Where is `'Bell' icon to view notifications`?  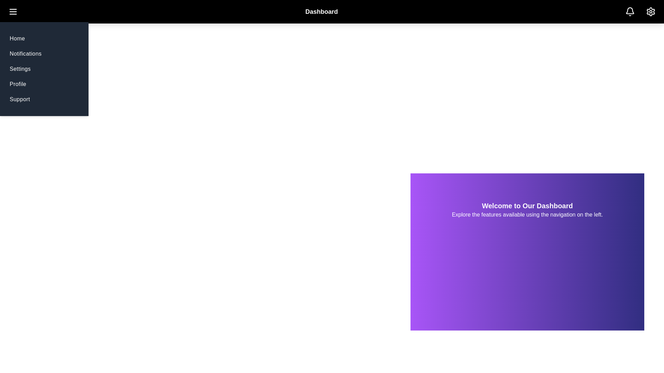 'Bell' icon to view notifications is located at coordinates (630, 12).